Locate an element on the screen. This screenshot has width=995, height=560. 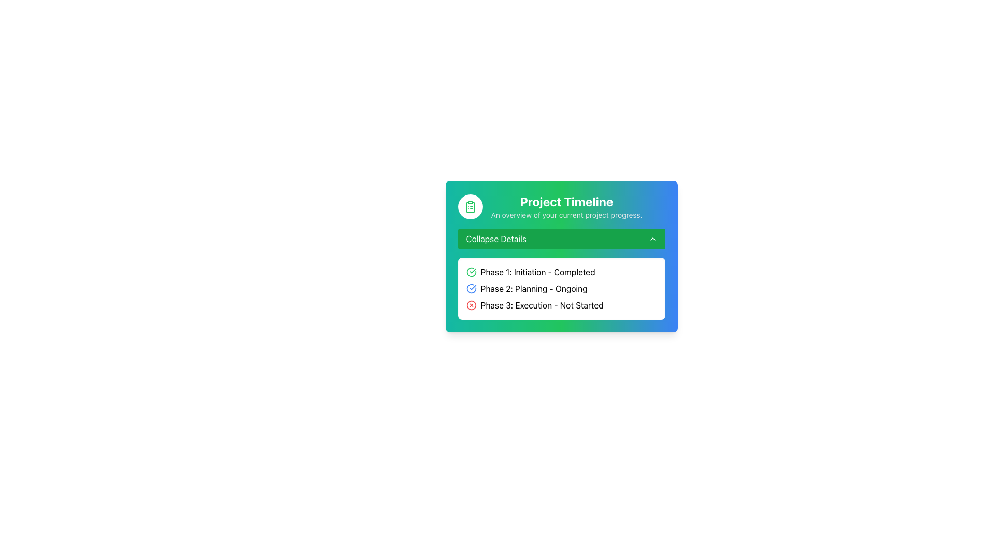
text label displaying 'Phase 3: Execution - Not Started' to understand the phase status is located at coordinates (542, 305).